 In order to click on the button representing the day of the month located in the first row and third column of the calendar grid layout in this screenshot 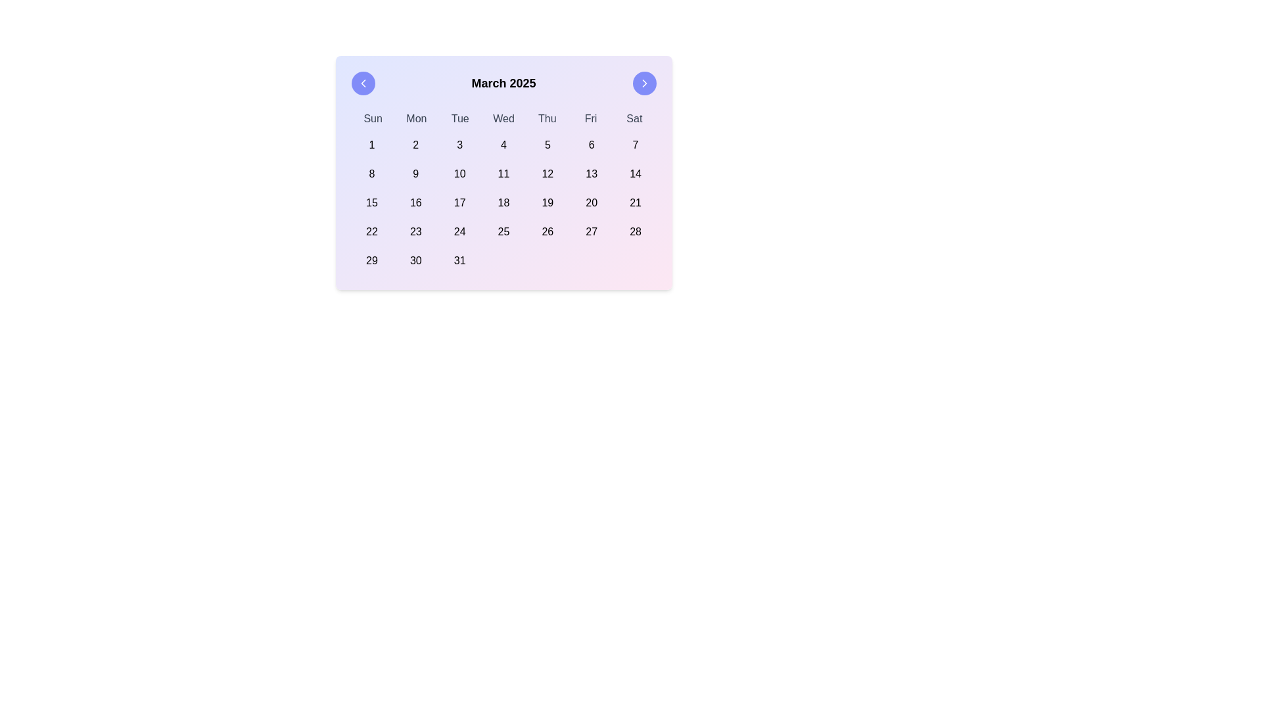, I will do `click(459, 145)`.